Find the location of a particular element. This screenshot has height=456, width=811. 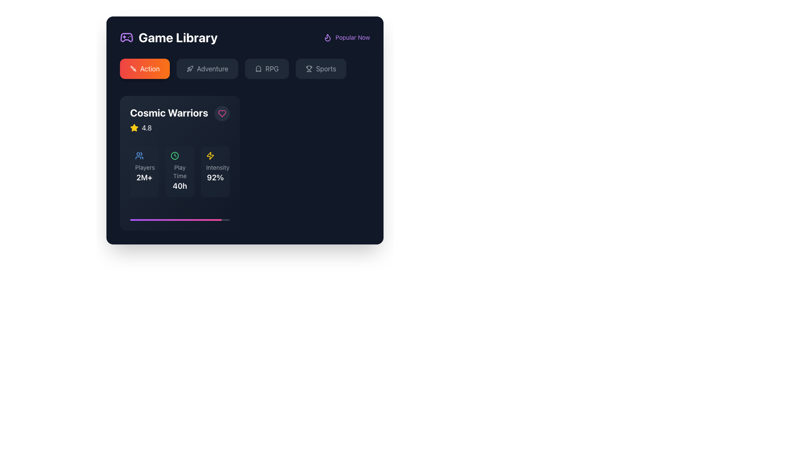

the text label within the button that describes its purpose as 'Action', located near the 'Game Library' section is located at coordinates (150, 68).